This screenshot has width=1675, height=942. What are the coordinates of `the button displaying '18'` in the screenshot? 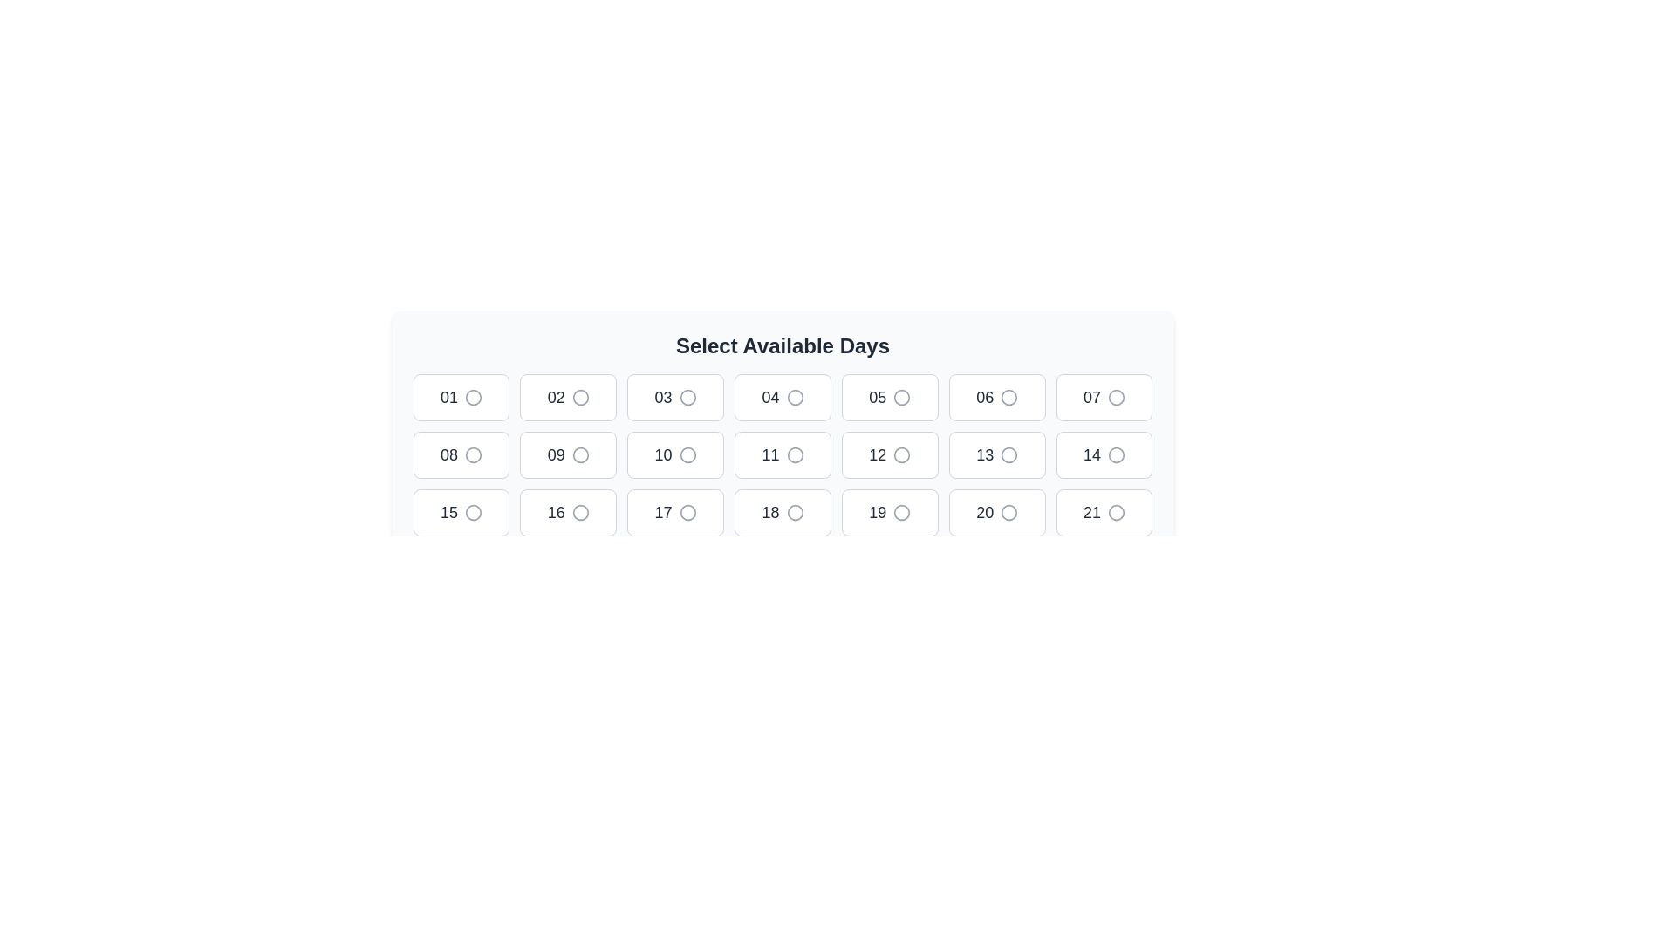 It's located at (782, 511).